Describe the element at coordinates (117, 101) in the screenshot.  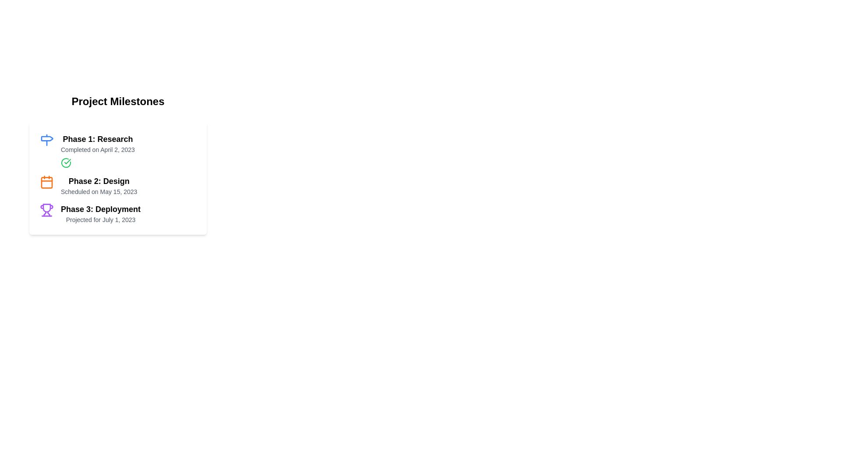
I see `the centered, bold, black text element displaying 'Project Milestones' at the top of the interface` at that location.